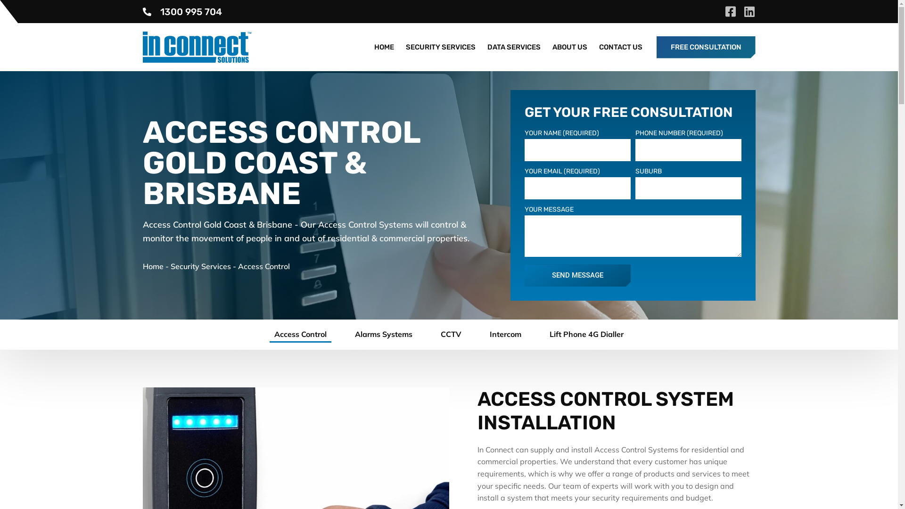 This screenshot has height=509, width=905. Describe the element at coordinates (142, 11) in the screenshot. I see `'1300 995 704'` at that location.